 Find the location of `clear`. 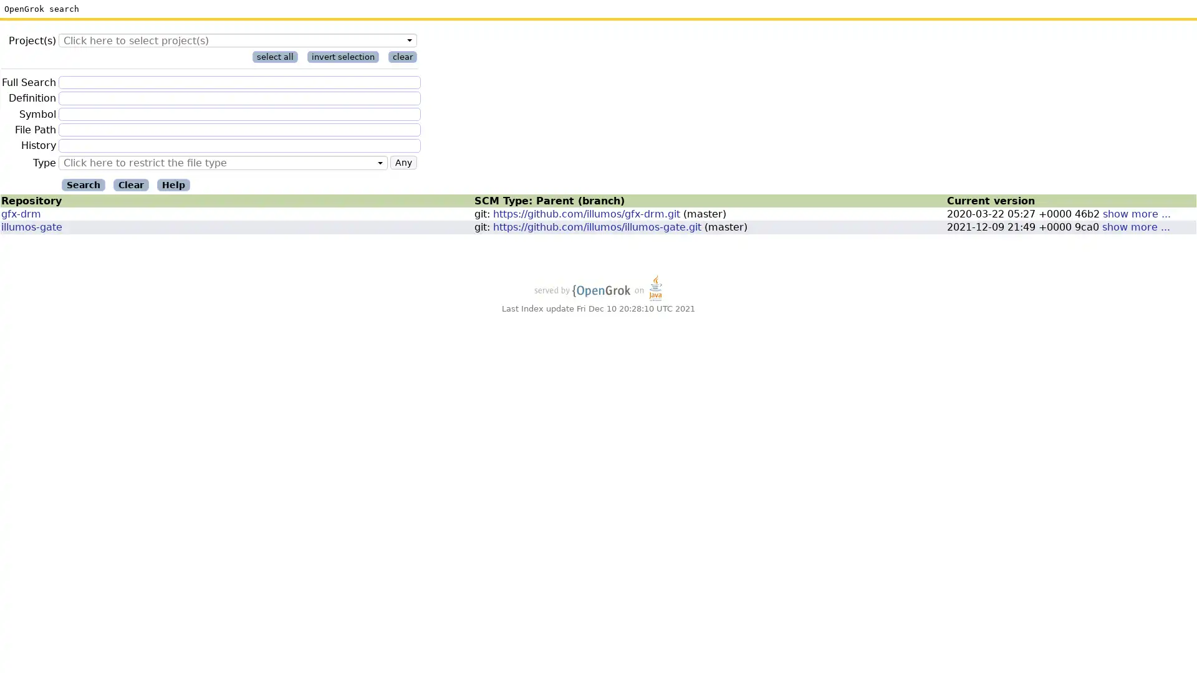

clear is located at coordinates (403, 57).